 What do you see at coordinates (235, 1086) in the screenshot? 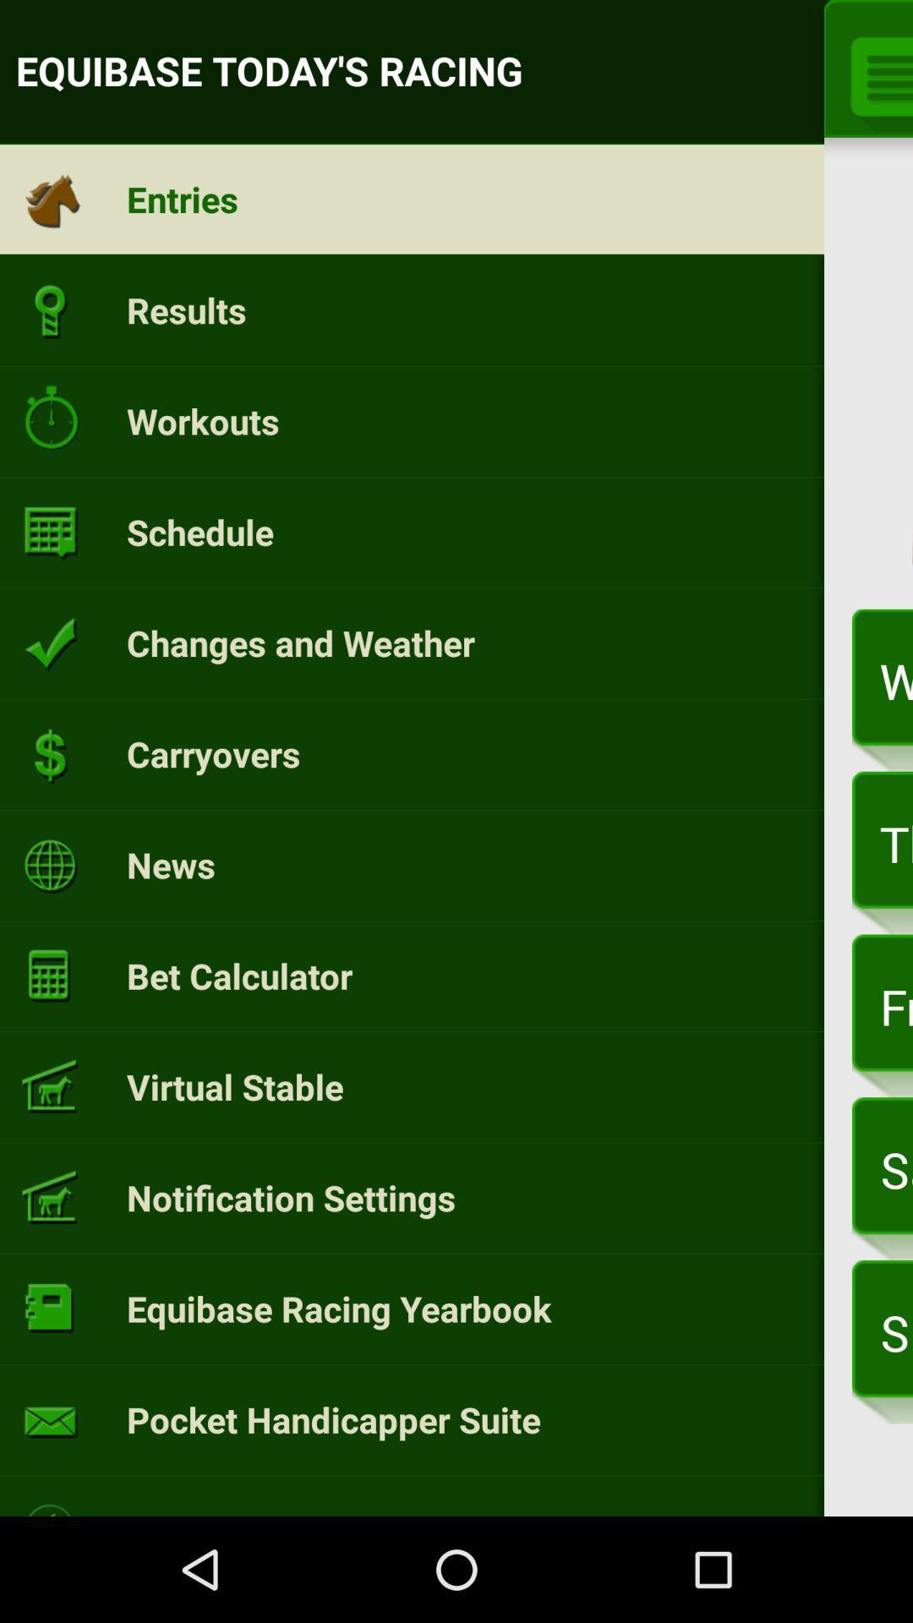
I see `item next to the friday, mar 31 item` at bounding box center [235, 1086].